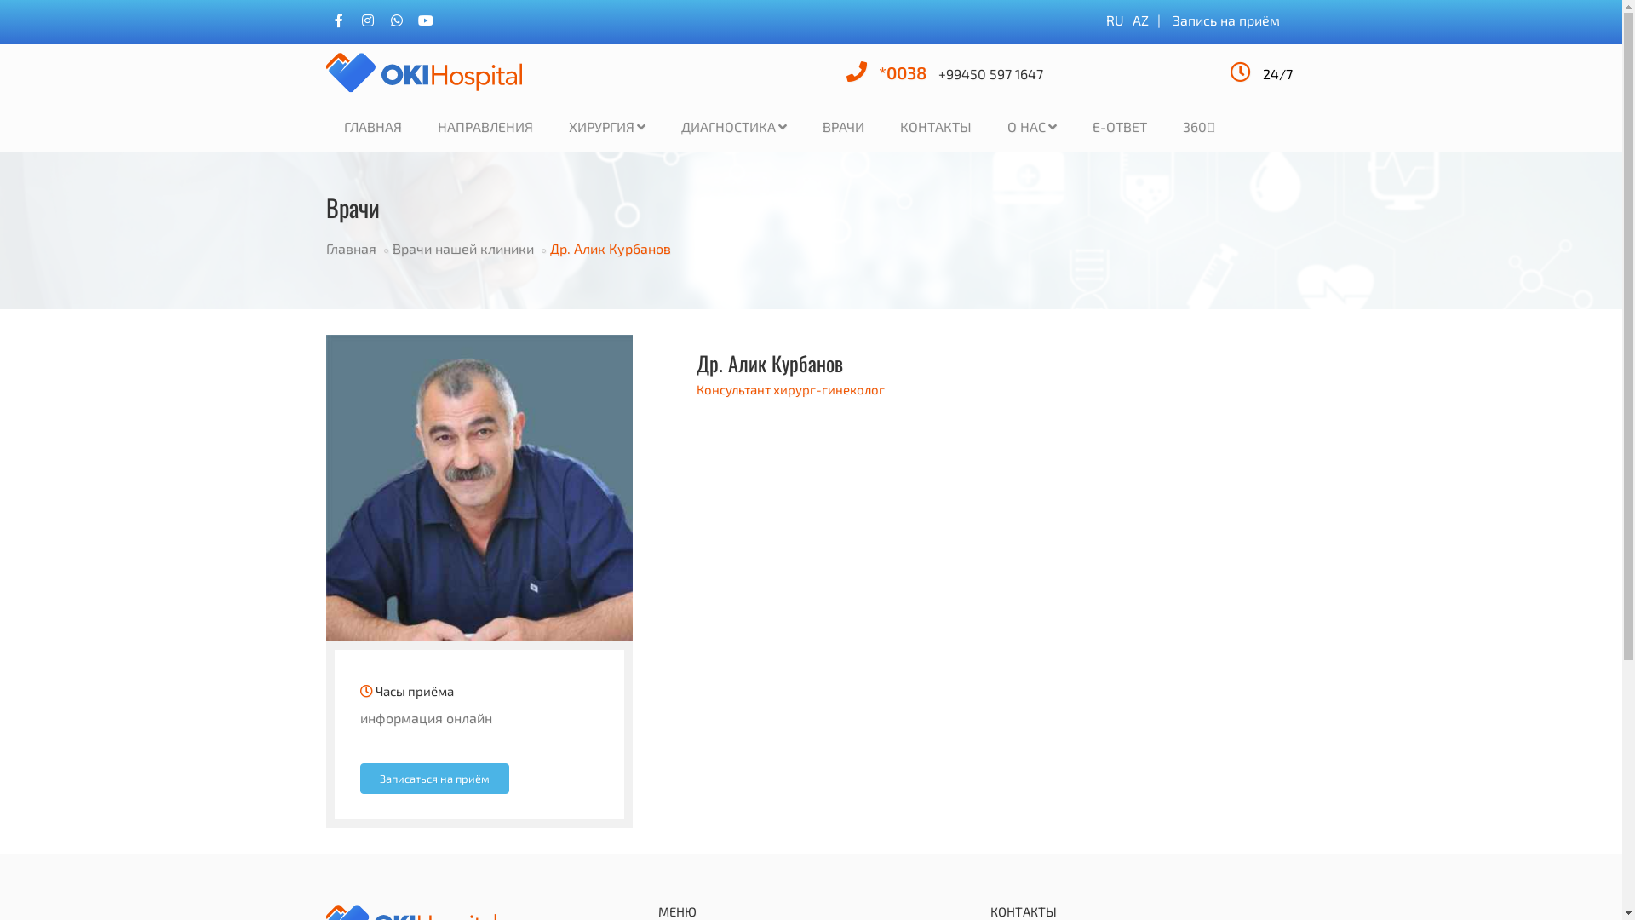 This screenshot has width=1635, height=920. What do you see at coordinates (1140, 20) in the screenshot?
I see `'AZ'` at bounding box center [1140, 20].